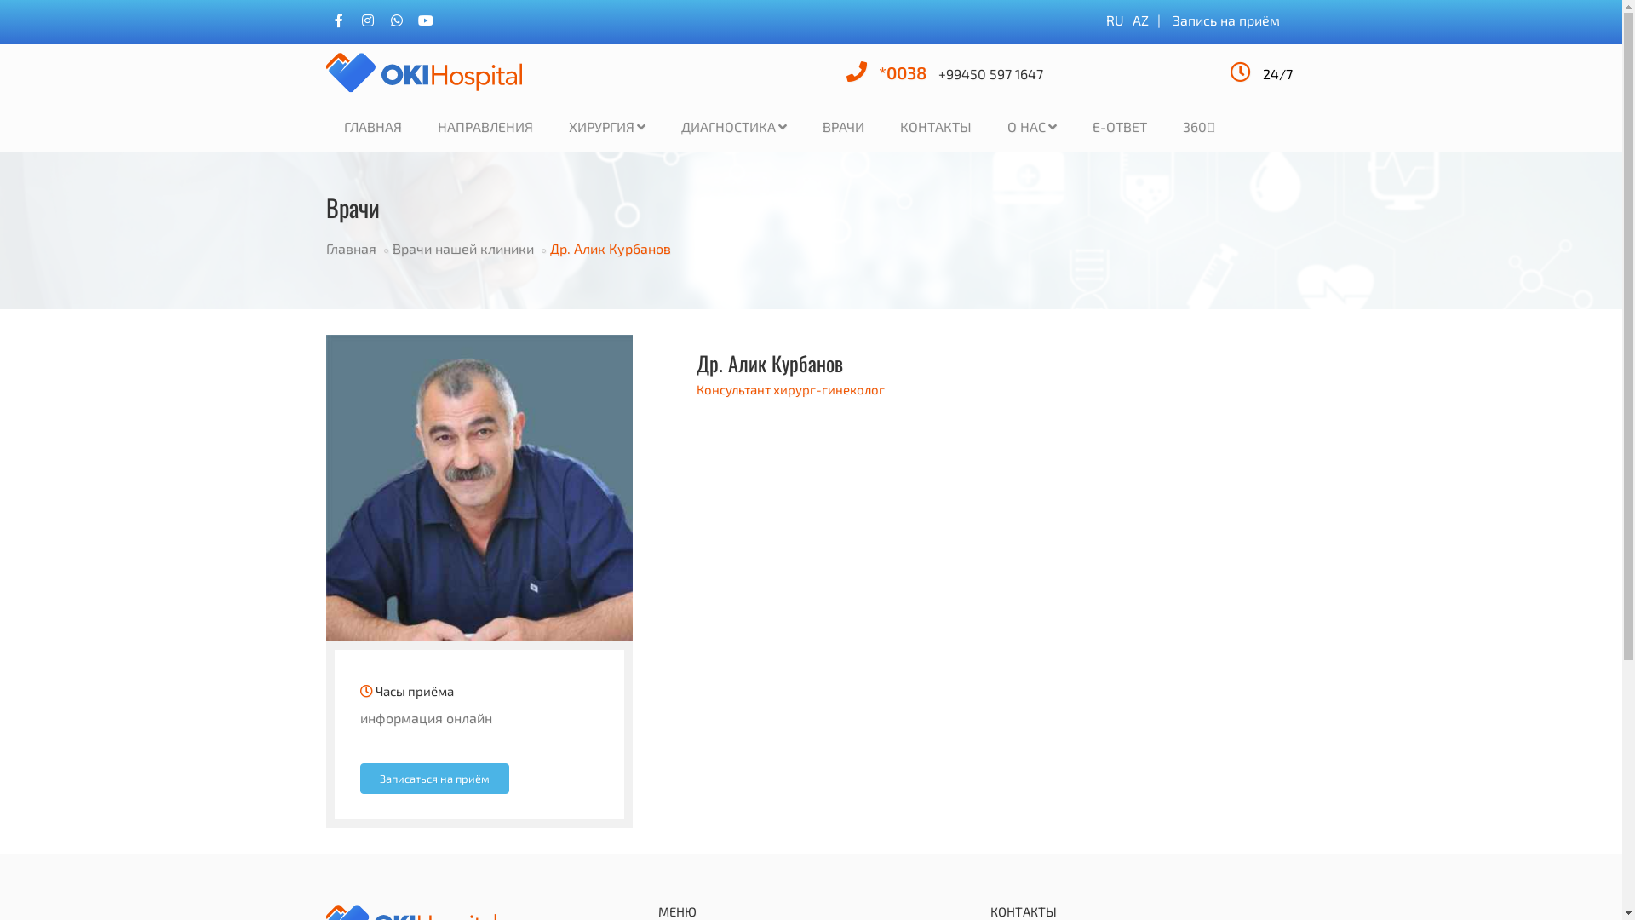 This screenshot has width=1635, height=920. What do you see at coordinates (1140, 20) in the screenshot?
I see `'AZ'` at bounding box center [1140, 20].